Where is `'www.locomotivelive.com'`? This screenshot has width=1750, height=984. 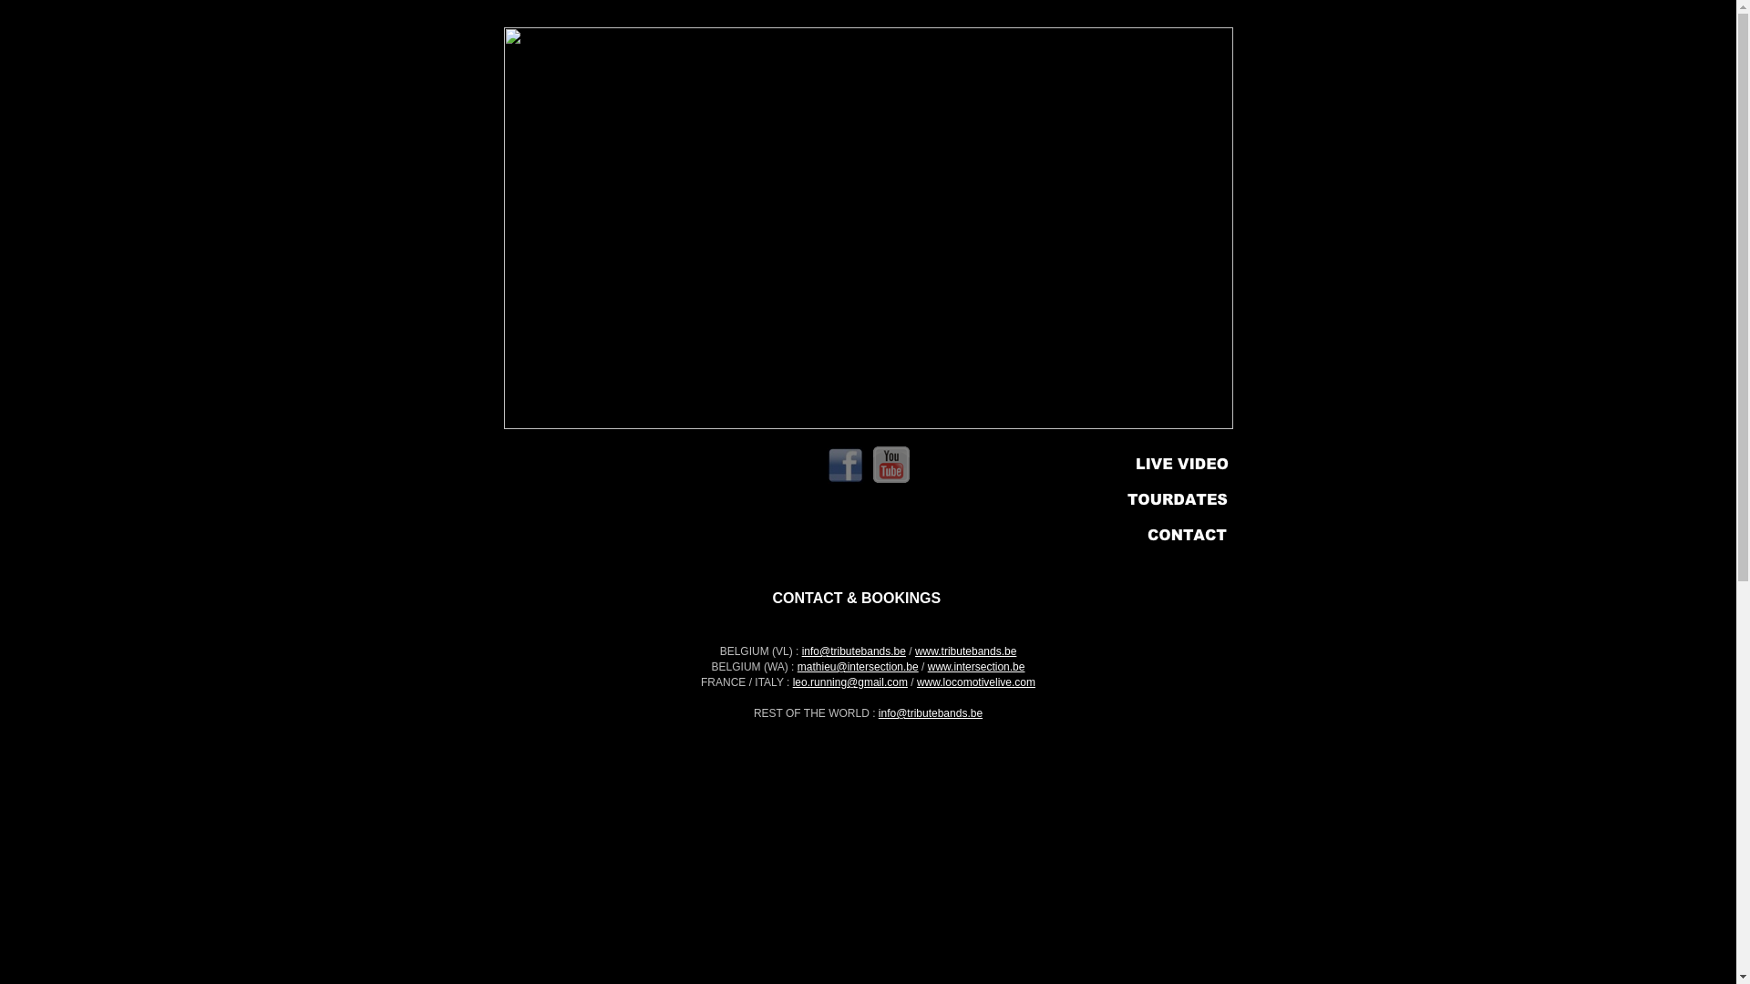
'www.locomotivelive.com' is located at coordinates (917, 682).